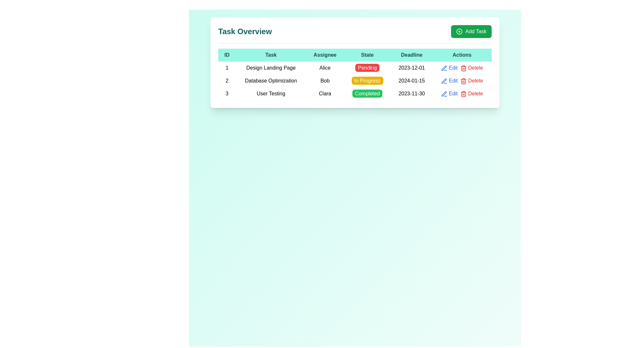 The width and height of the screenshot is (619, 348). What do you see at coordinates (444, 81) in the screenshot?
I see `the edit icon, which is a diagonal pen symbol with a blue line stroke, located in the Actions column of the second row (Database Optimization task) in the table` at bounding box center [444, 81].